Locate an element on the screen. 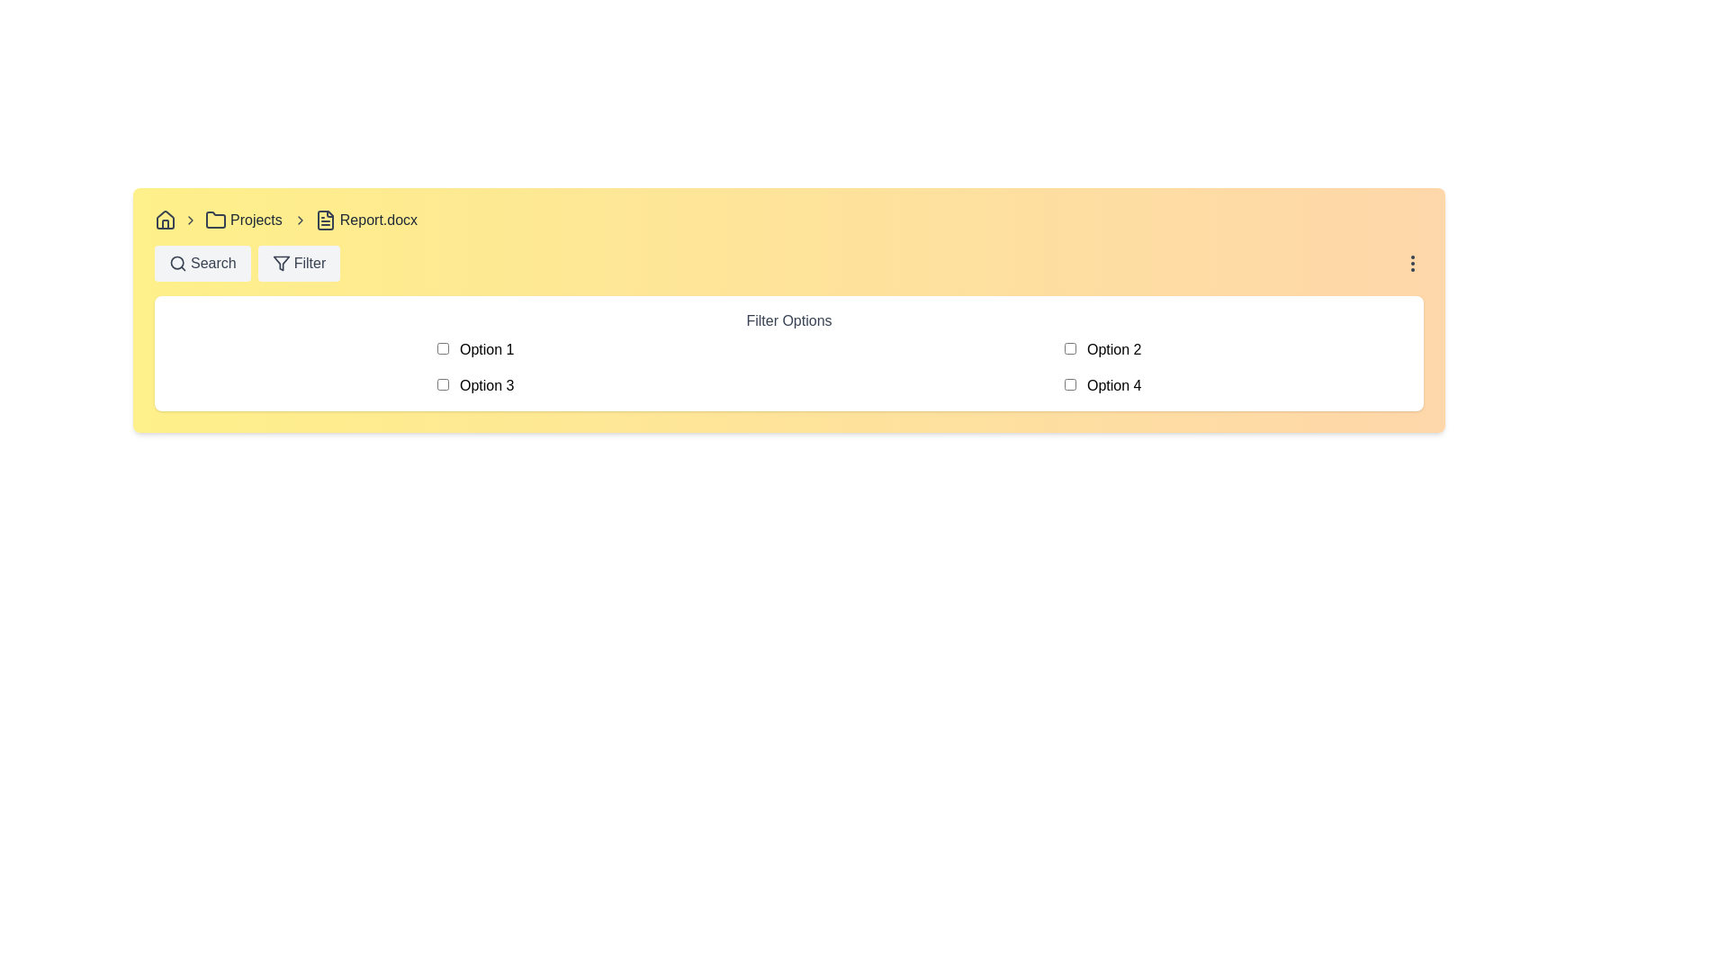 The height and width of the screenshot is (972, 1728). the checkbox located to the left of the text label 'Option 2' in the 'Filter Options' section is located at coordinates (1070, 348).